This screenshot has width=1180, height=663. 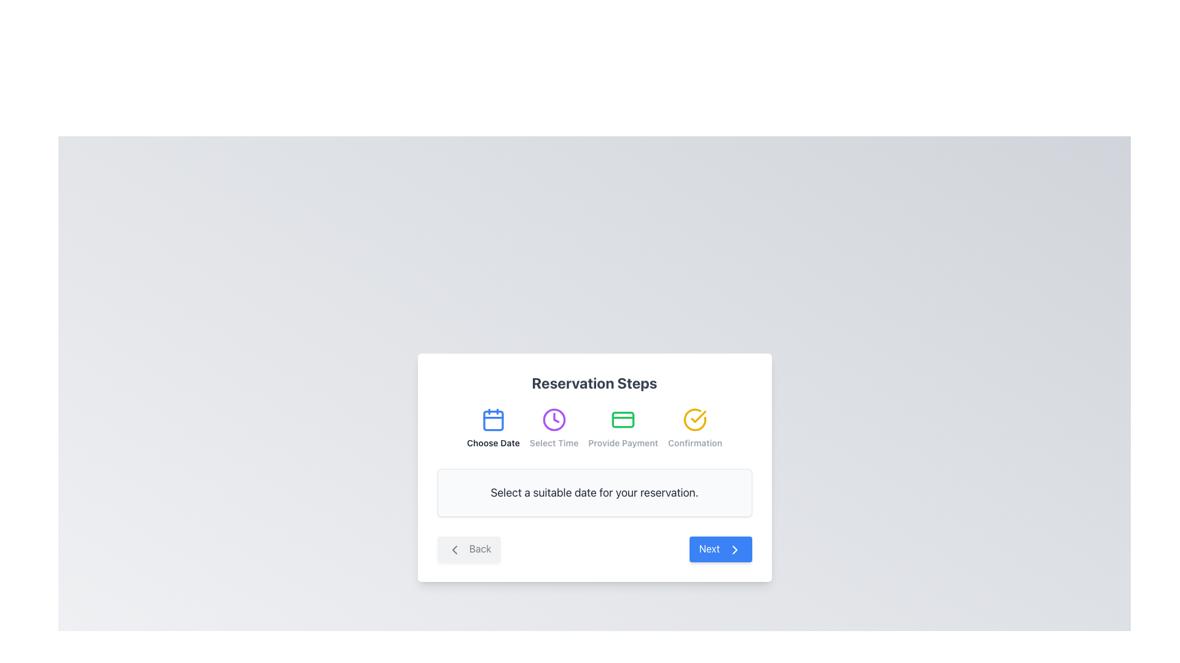 I want to click on the payment step icon, which is the third icon in a horizontal sequence, positioned between 'Select Time' and 'Confirmation', and centered above the 'Provide Payment' label, so click(x=623, y=419).